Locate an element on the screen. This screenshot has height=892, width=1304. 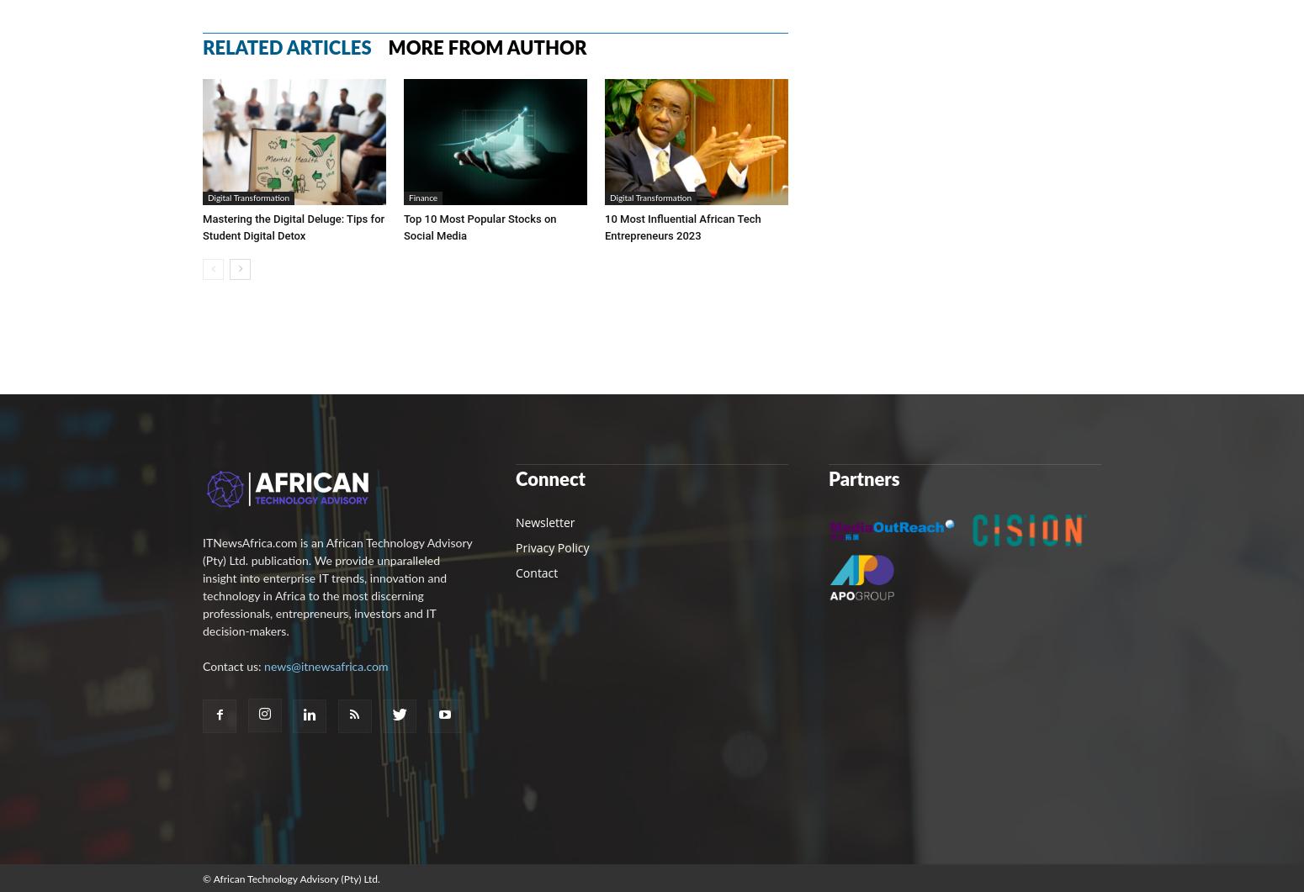
'Mastering the Digital Deluge: Tips for Student Digital Detox' is located at coordinates (293, 225).